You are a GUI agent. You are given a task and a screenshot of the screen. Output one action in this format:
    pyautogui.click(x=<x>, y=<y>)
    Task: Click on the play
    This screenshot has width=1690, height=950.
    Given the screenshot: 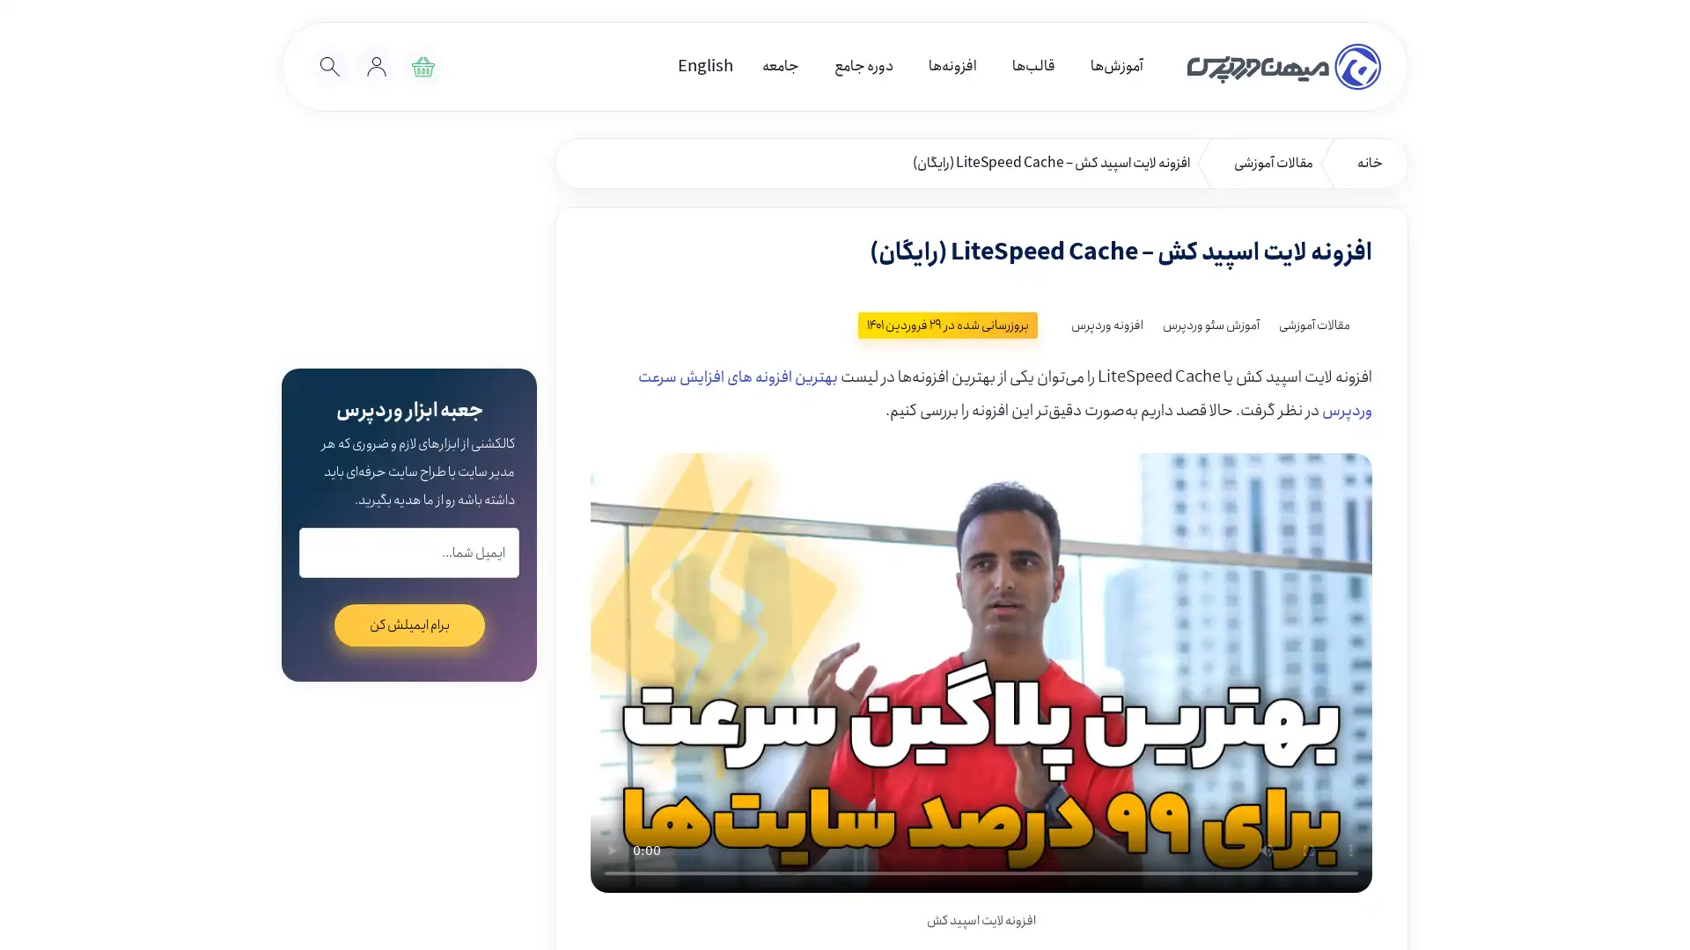 What is the action you would take?
    pyautogui.click(x=612, y=848)
    